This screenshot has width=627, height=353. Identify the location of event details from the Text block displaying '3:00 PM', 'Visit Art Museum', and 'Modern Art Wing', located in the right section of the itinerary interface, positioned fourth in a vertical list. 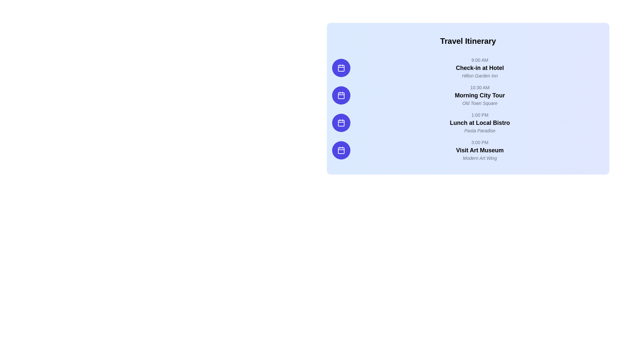
(480, 150).